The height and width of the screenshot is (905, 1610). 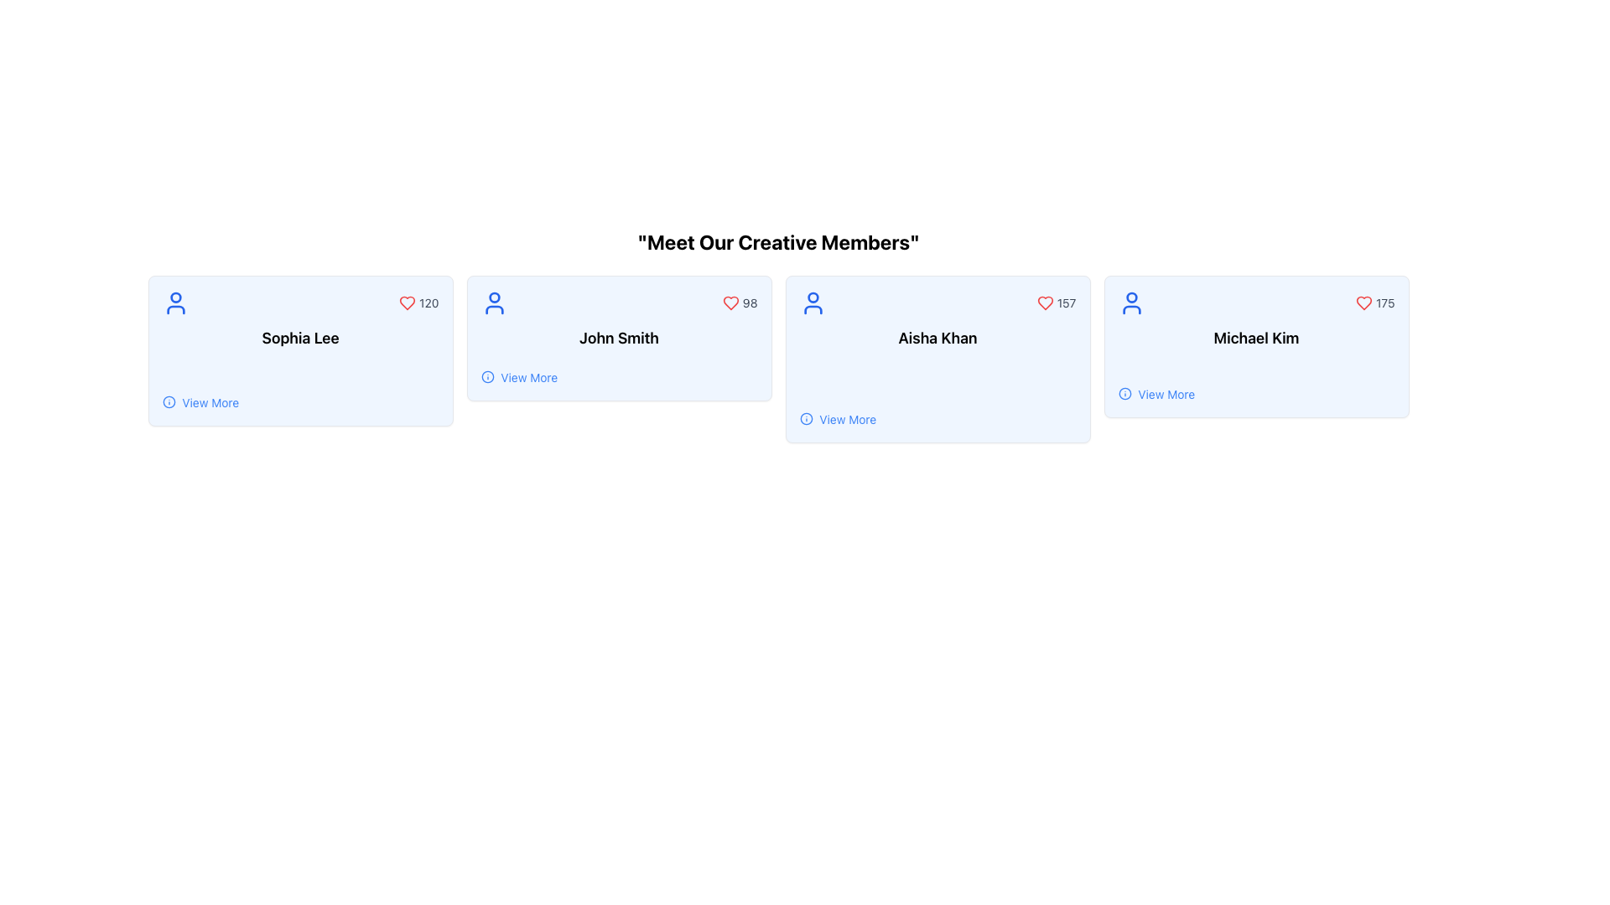 I want to click on the small circular graphic component that represents the user profile, located at the top of the profile icon on the fourth card from the left, above the name 'Michael Kim', so click(x=1131, y=297).